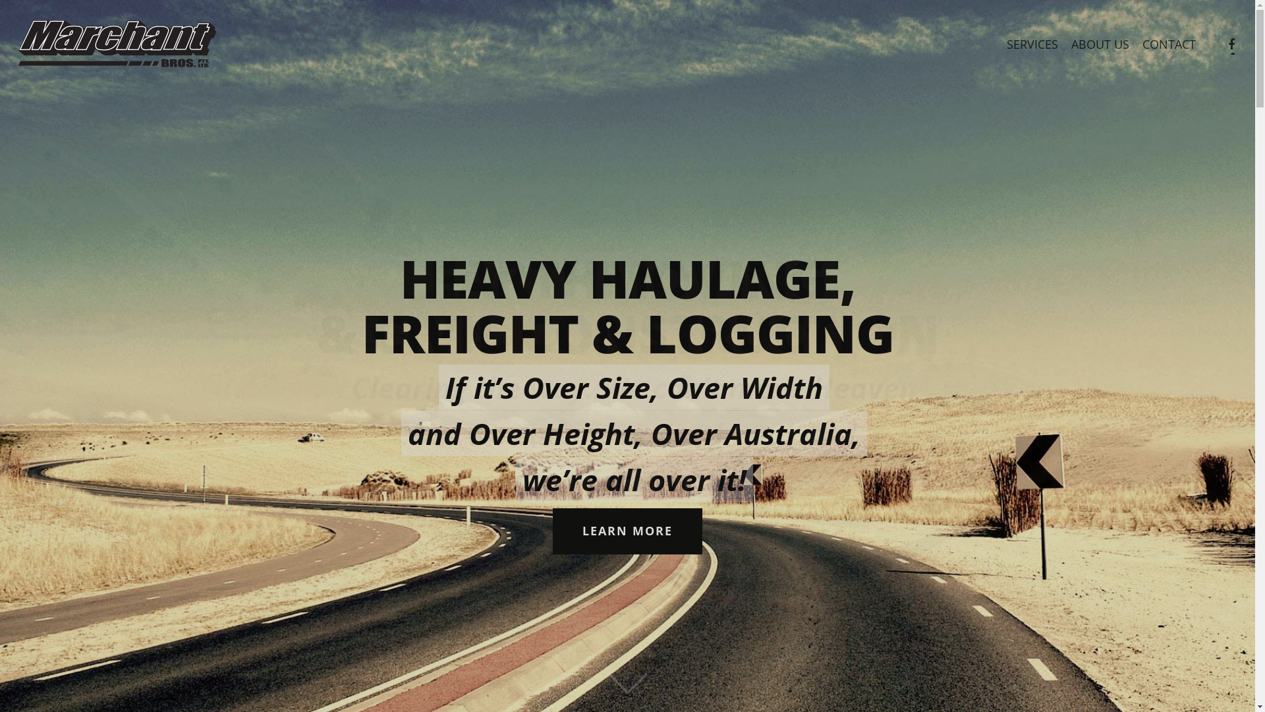 This screenshot has width=1265, height=712. I want to click on 'ABOUT US', so click(1100, 44).